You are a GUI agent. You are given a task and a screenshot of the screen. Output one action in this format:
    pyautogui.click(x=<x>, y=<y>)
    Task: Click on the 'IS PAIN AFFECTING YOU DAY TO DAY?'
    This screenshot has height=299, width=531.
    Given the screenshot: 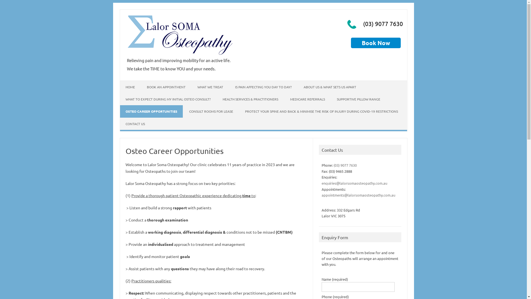 What is the action you would take?
    pyautogui.click(x=263, y=87)
    